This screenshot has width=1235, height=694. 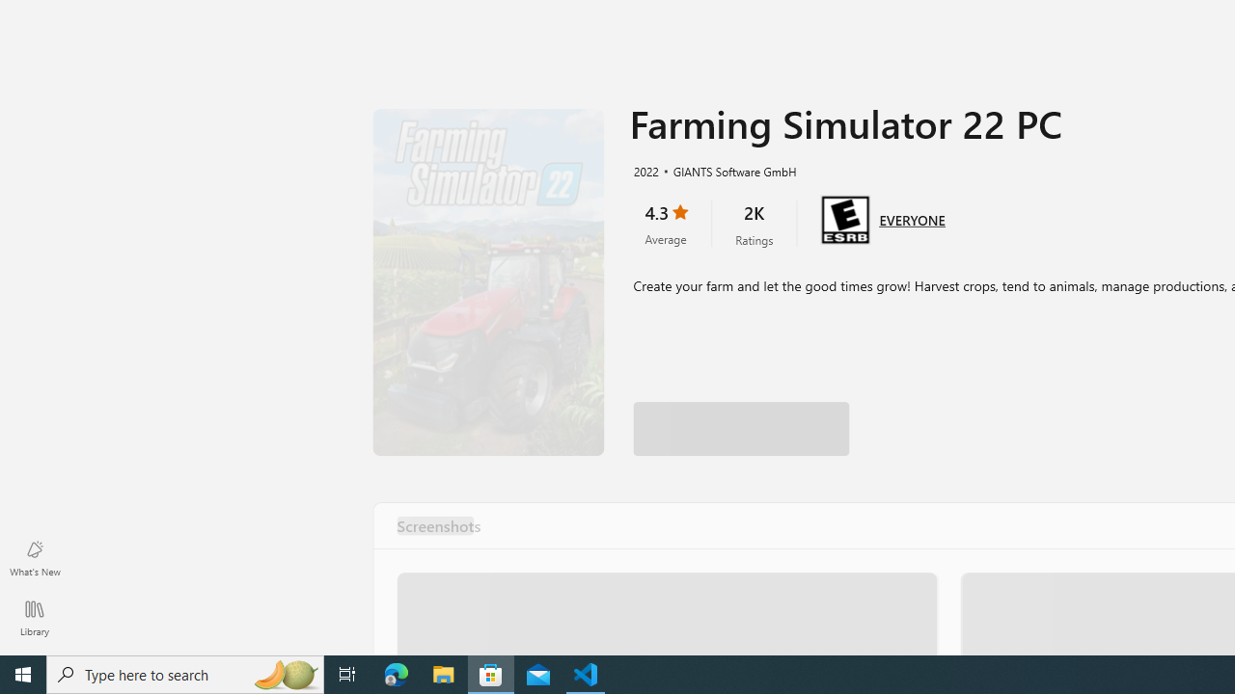 I want to click on 'Play with Game Pass', so click(x=740, y=405).